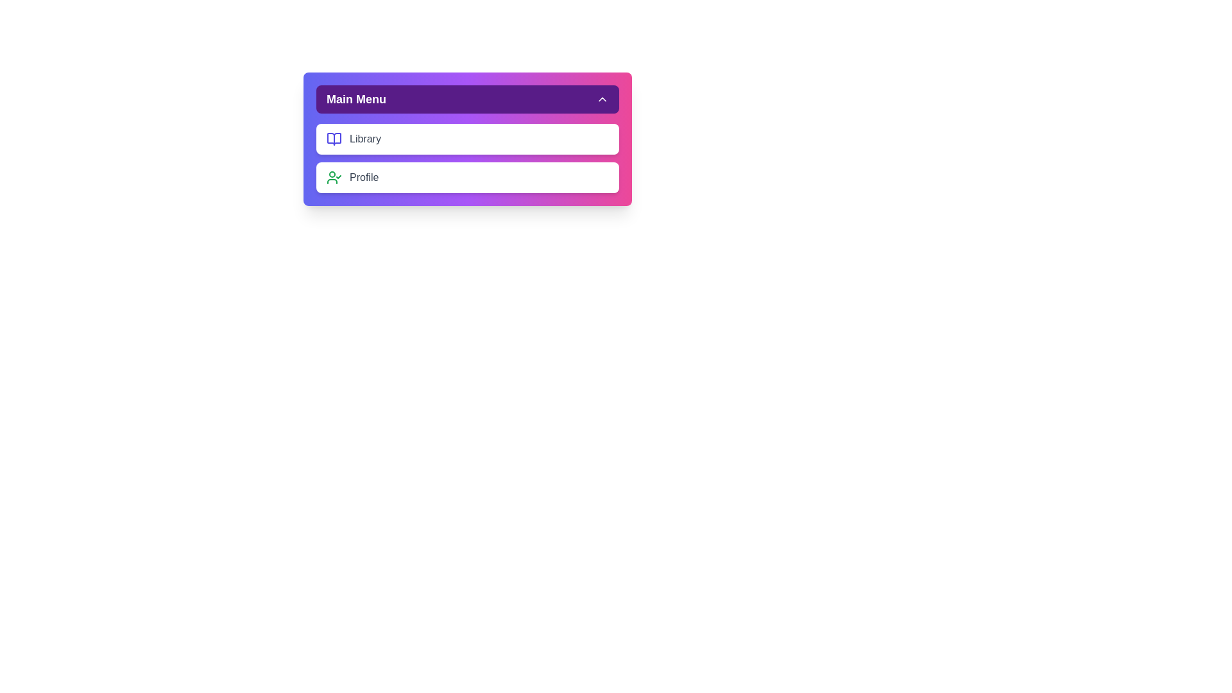 This screenshot has width=1232, height=693. I want to click on the 'Profile' text label, which is styled with medium-sized bold text in dark gray, located inside the second item of a vertical menu list, positioned to the right of a green user profile icon, so click(363, 178).